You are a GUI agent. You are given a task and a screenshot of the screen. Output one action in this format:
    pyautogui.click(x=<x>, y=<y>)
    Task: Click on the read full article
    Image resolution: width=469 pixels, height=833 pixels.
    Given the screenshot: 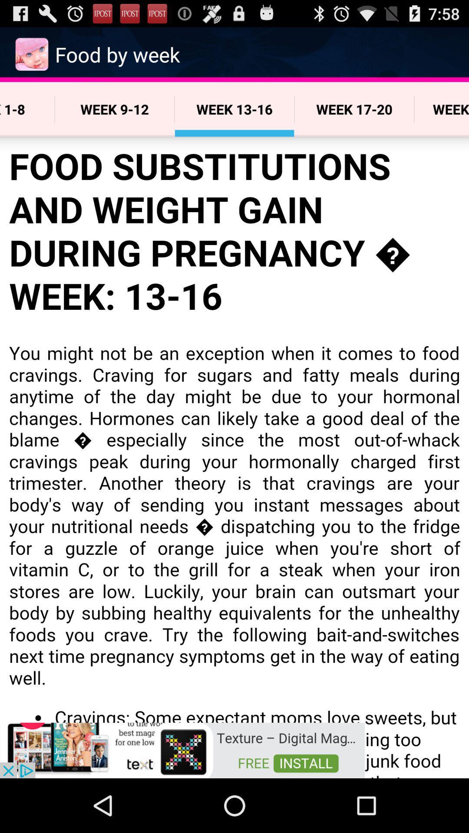 What is the action you would take?
    pyautogui.click(x=234, y=457)
    